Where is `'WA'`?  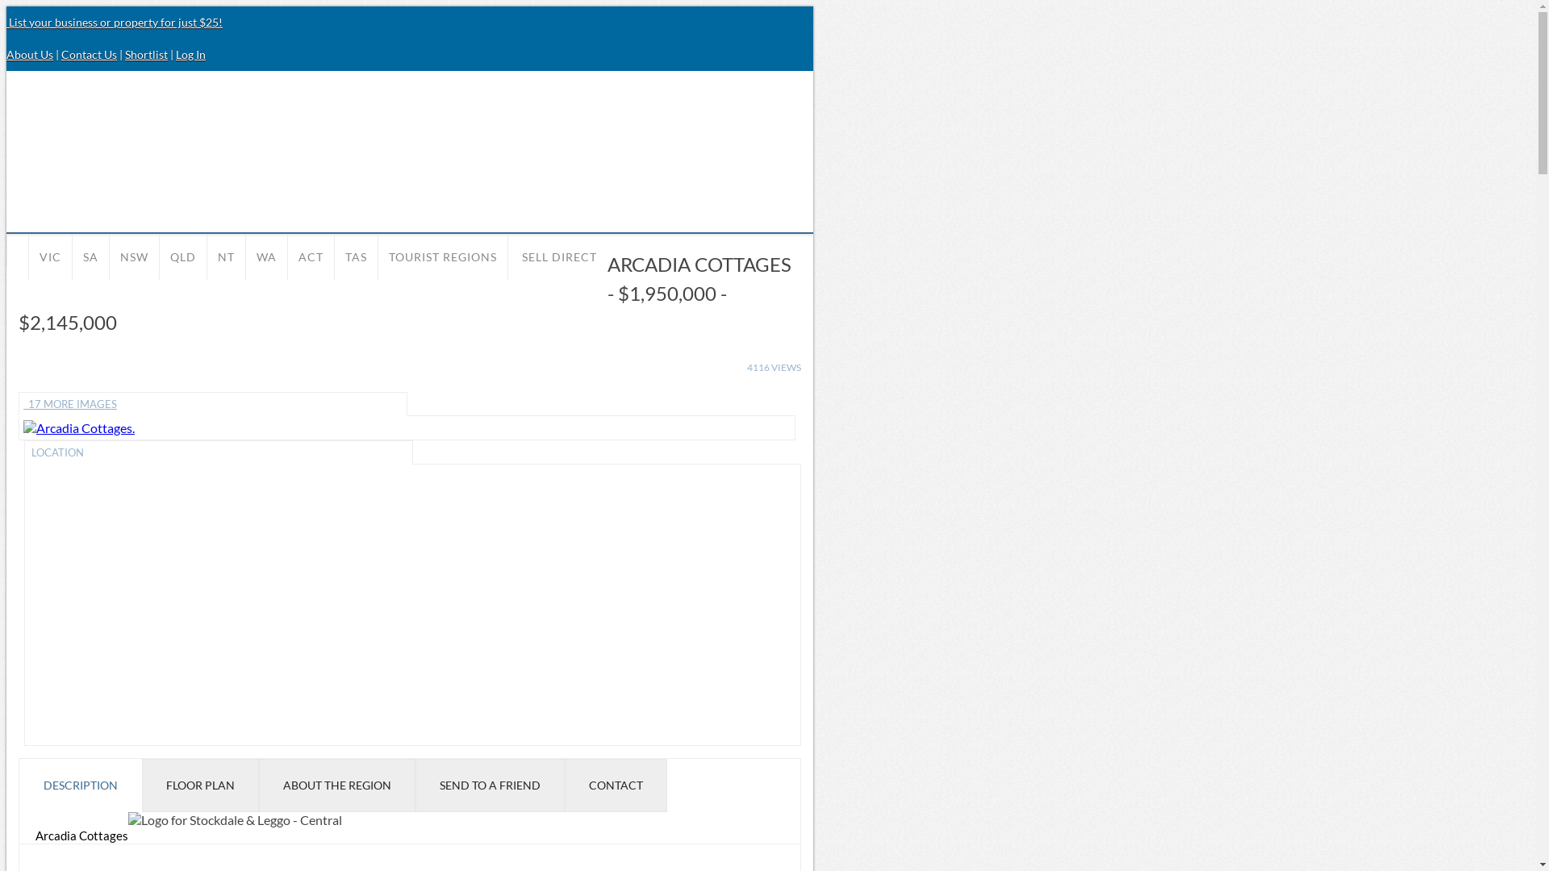
'WA' is located at coordinates (266, 256).